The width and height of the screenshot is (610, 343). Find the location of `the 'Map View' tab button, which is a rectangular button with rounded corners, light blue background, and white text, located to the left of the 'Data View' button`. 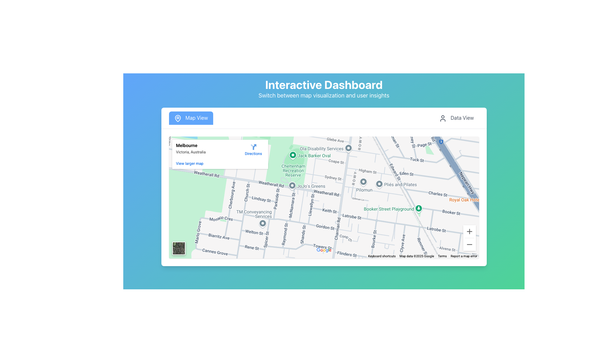

the 'Map View' tab button, which is a rectangular button with rounded corners, light blue background, and white text, located to the left of the 'Data View' button is located at coordinates (190, 118).